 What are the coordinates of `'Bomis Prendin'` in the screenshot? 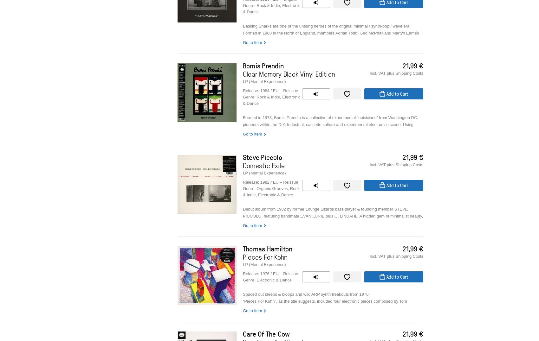 It's located at (263, 65).